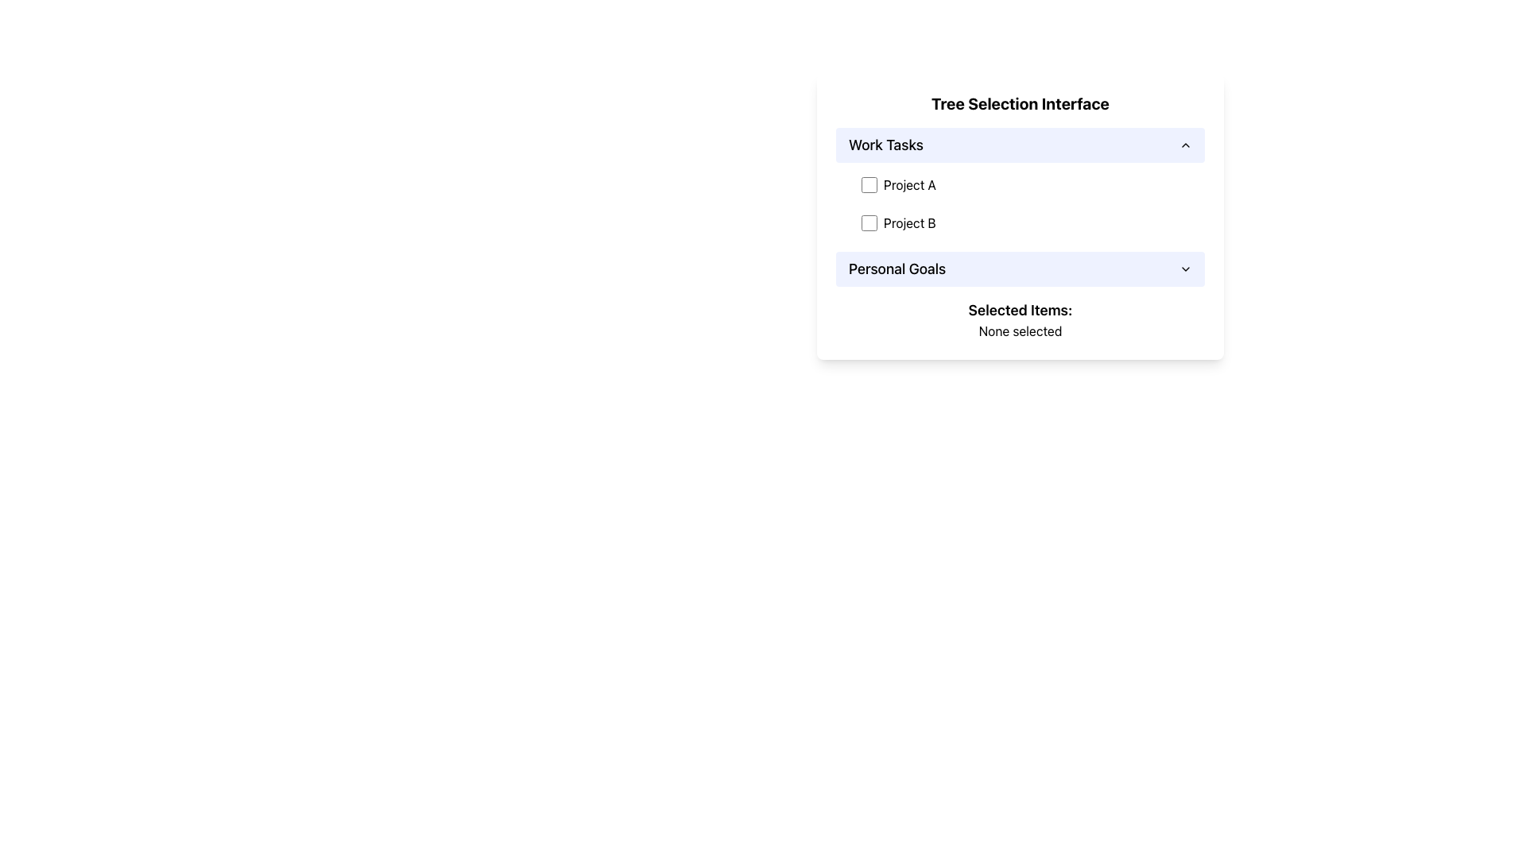 The height and width of the screenshot is (858, 1526). I want to click on the interactive checkbox, so click(869, 223).